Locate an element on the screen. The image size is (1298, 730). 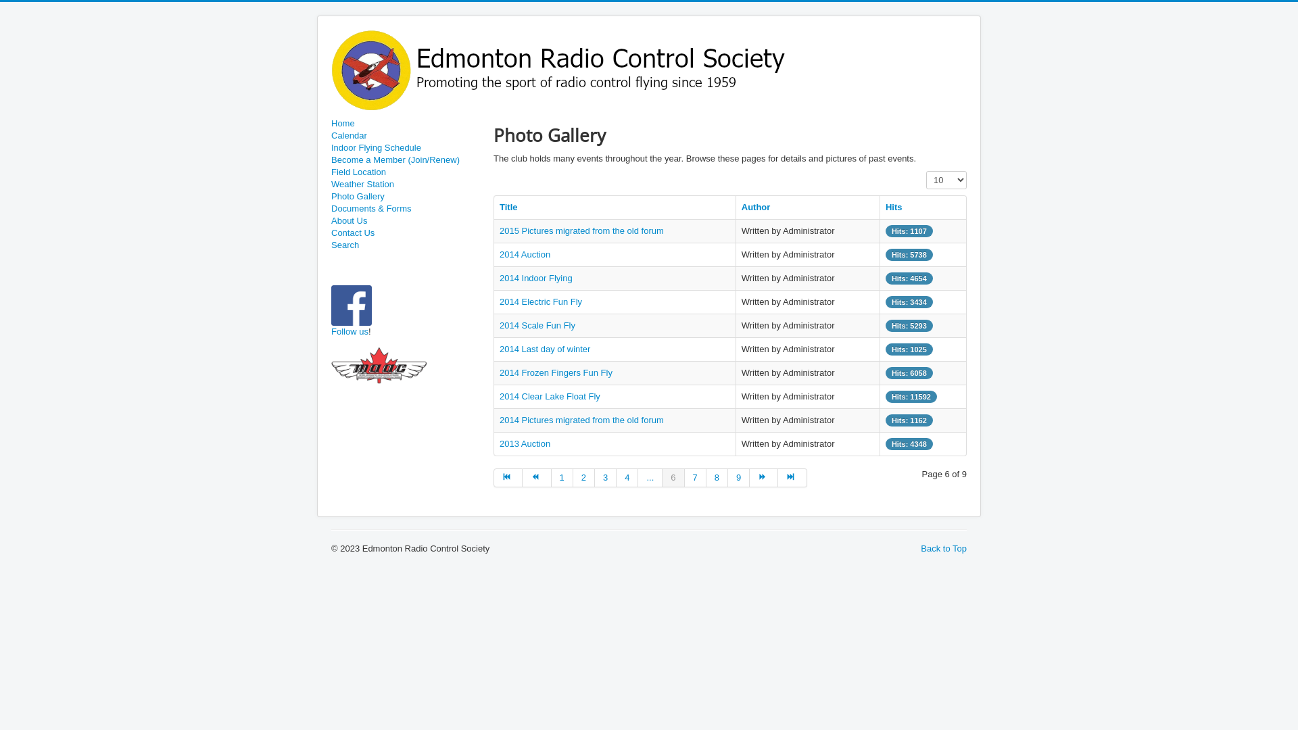
'About Us' is located at coordinates (405, 220).